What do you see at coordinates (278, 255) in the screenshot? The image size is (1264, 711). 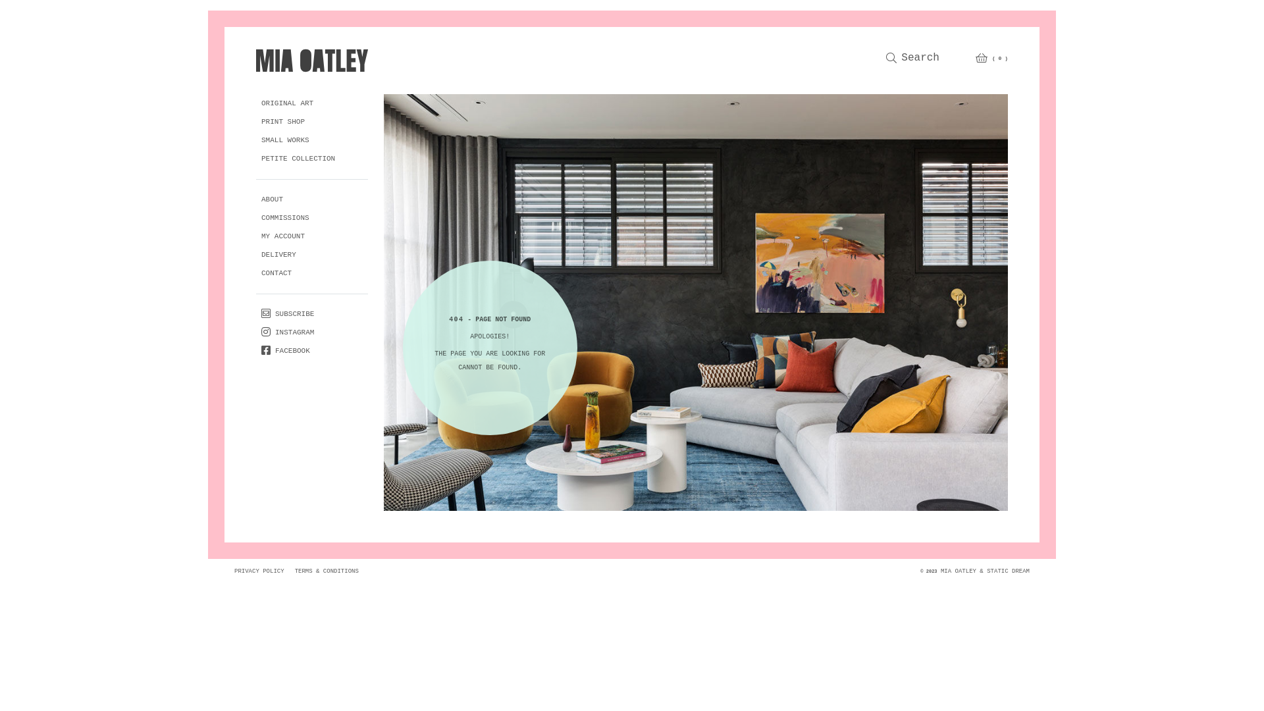 I see `'Delivery'` at bounding box center [278, 255].